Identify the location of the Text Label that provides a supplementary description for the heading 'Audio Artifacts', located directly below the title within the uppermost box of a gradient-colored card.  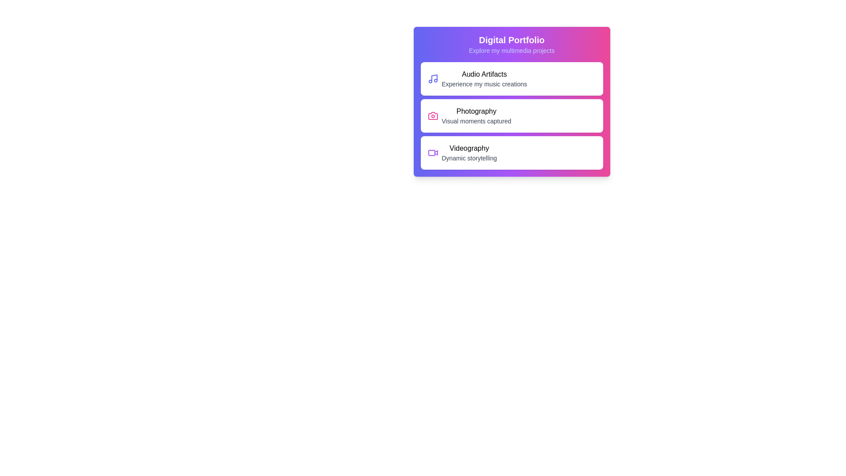
(484, 84).